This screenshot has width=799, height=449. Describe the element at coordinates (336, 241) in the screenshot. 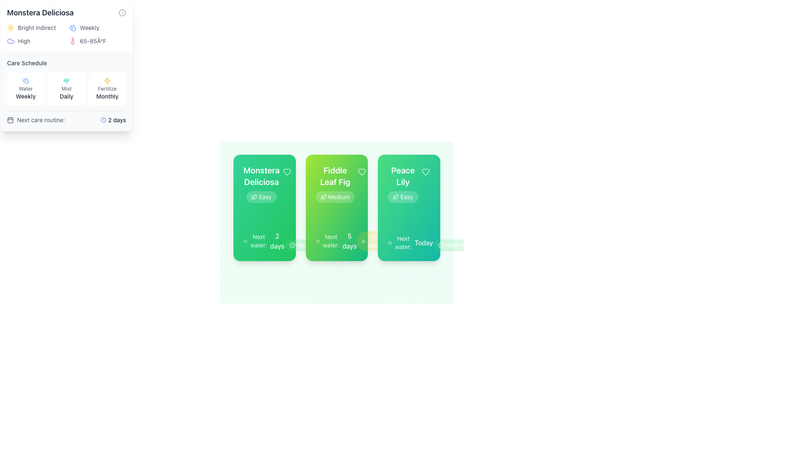

I see `the Text Label with Icon displaying 'Next water: 5 days' located in the second card under 'Medium' difficulty for the 'Fiddle Leaf Fig'` at that location.